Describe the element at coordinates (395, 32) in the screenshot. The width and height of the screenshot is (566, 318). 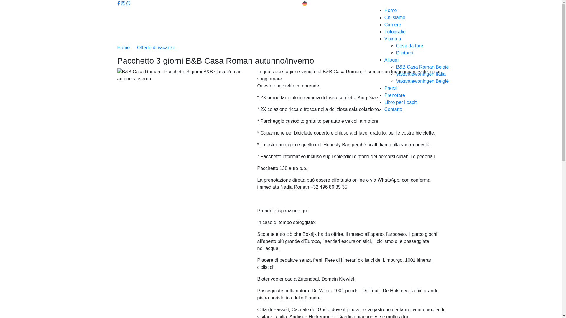
I see `'Fotografie'` at that location.